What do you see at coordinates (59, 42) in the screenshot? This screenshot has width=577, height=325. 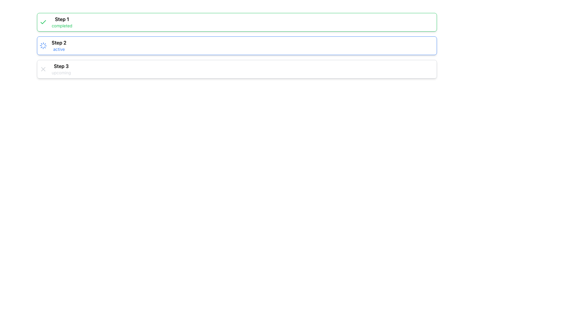 I see `the 'Step 2' label, which is a bold text indicating the second step in a three-step progress indicator` at bounding box center [59, 42].